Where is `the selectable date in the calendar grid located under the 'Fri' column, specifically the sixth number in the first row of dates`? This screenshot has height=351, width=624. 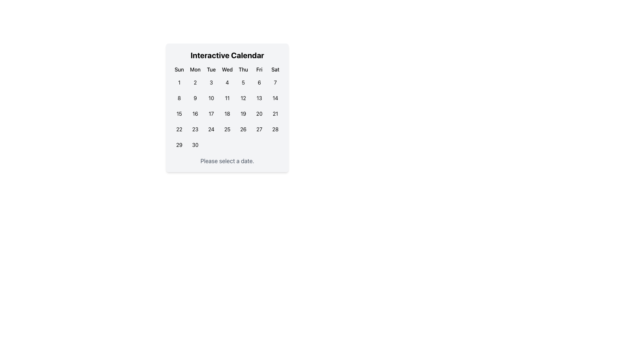
the selectable date in the calendar grid located under the 'Fri' column, specifically the sixth number in the first row of dates is located at coordinates (259, 82).